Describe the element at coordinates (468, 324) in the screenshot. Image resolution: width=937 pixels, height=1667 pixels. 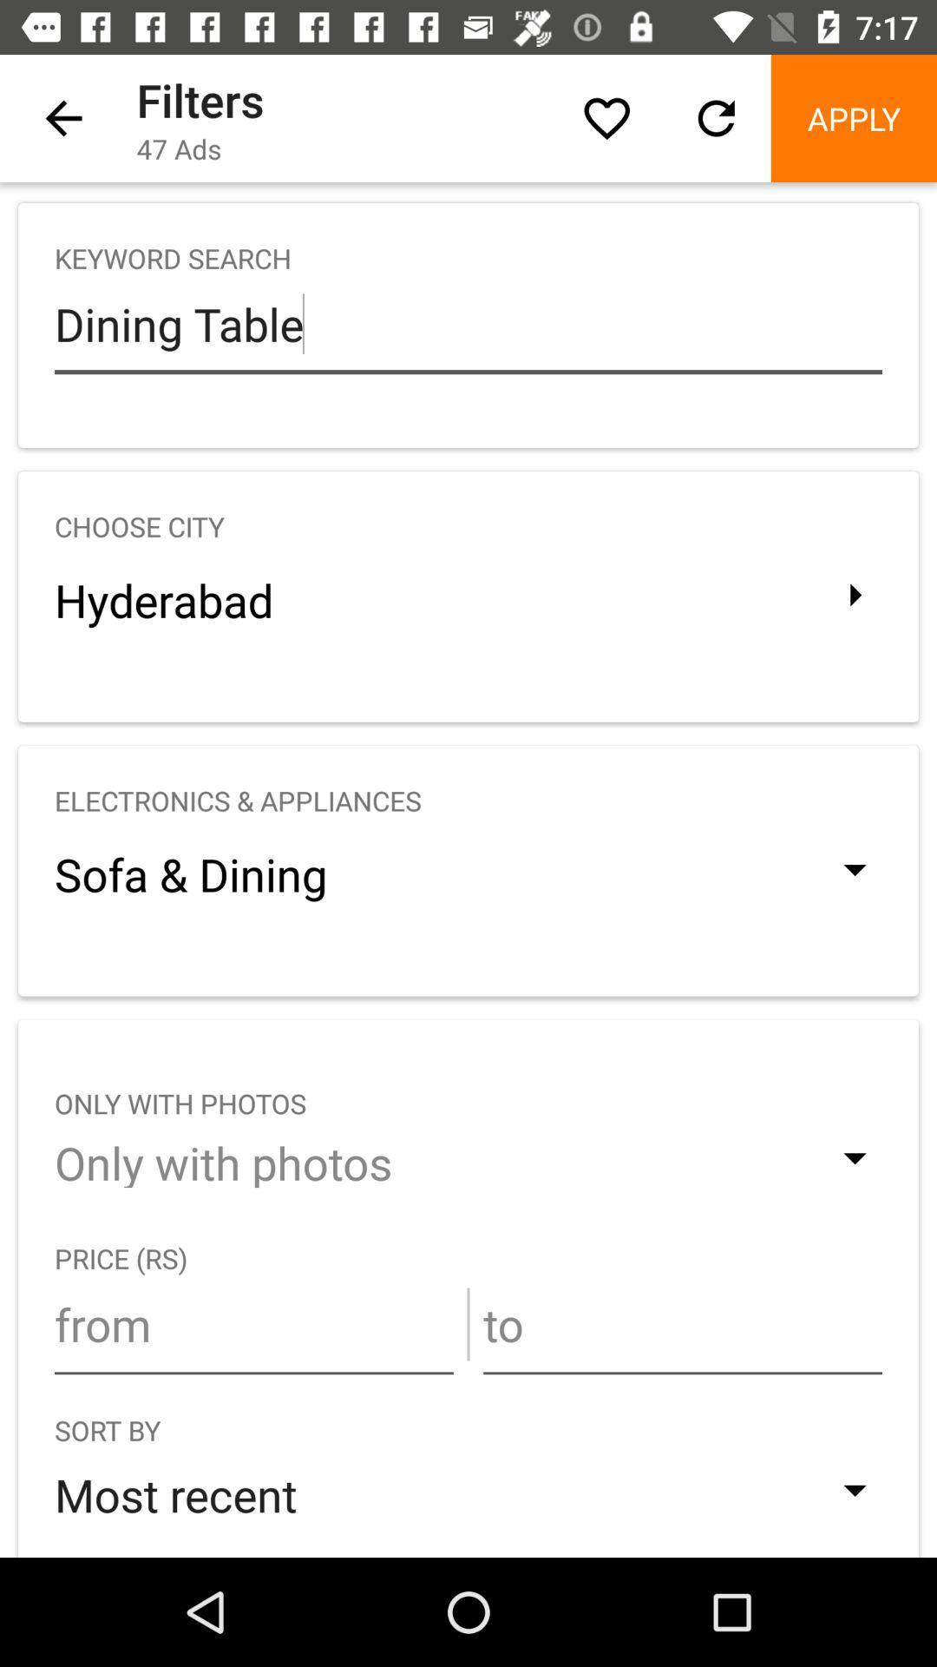
I see `dining table` at that location.